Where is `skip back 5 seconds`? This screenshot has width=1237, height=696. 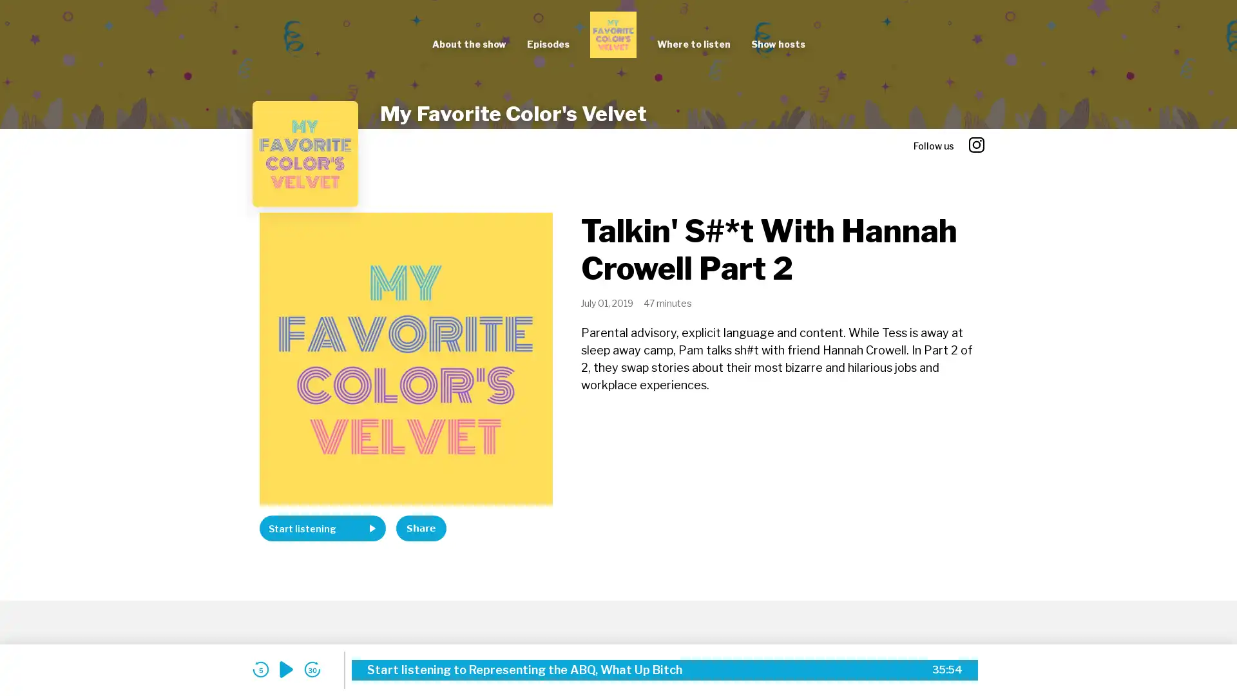
skip back 5 seconds is located at coordinates (260, 669).